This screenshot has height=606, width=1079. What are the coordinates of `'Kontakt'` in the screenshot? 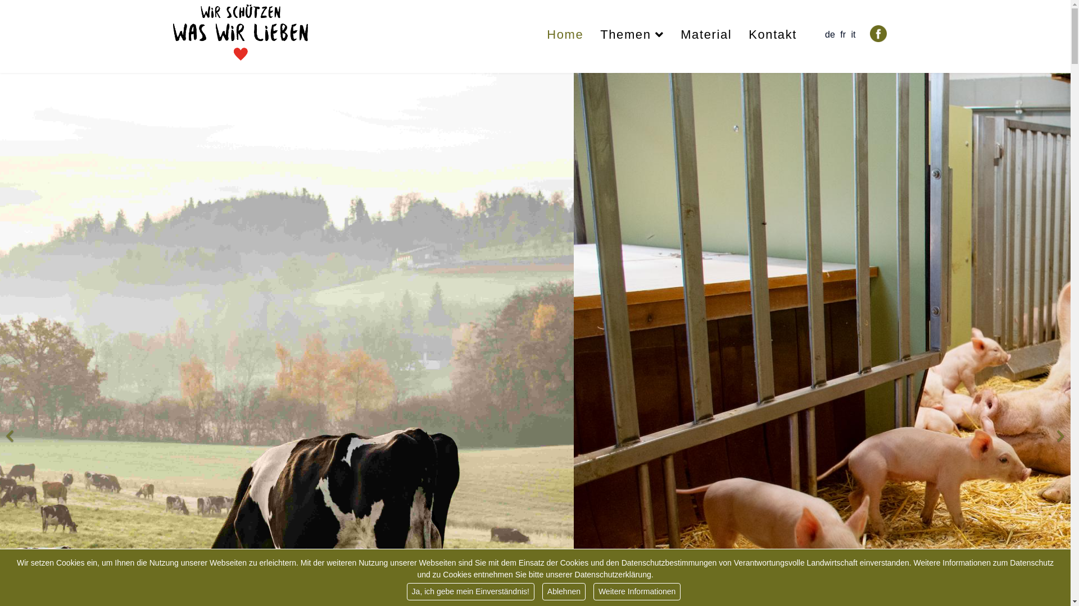 It's located at (768, 34).